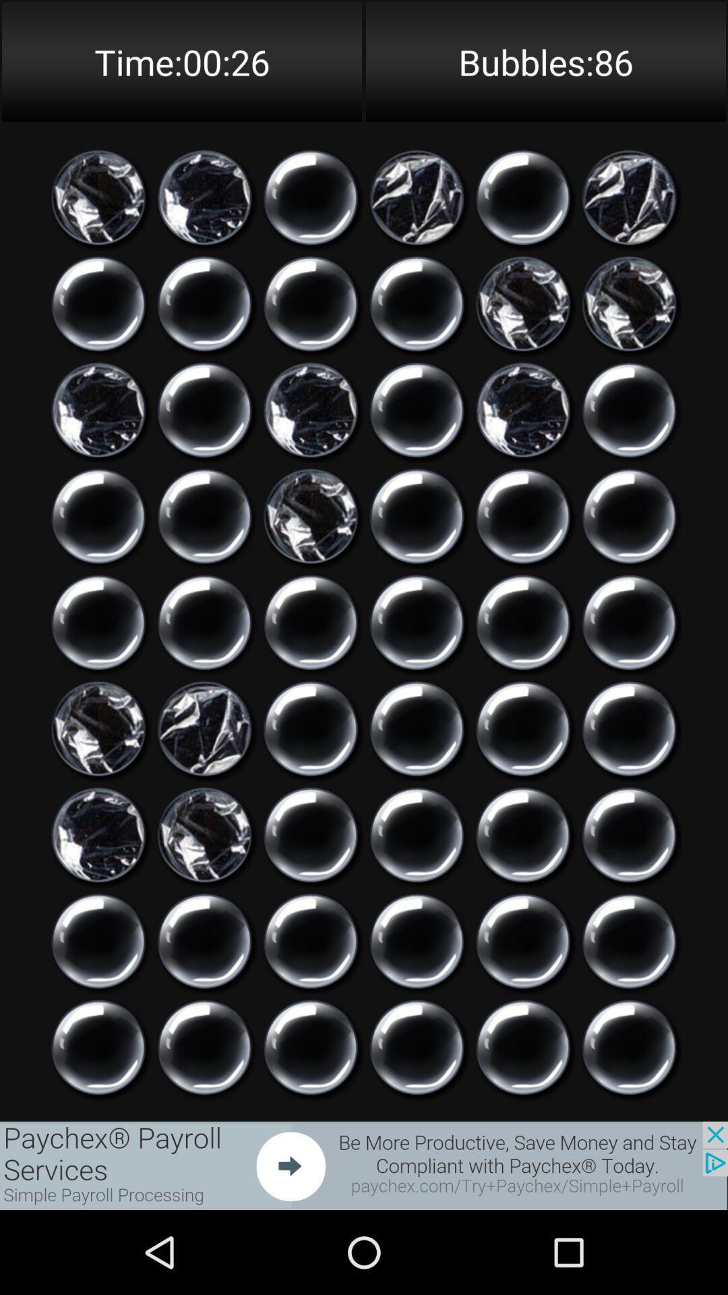 Image resolution: width=728 pixels, height=1295 pixels. I want to click on the refresh icon, so click(311, 210).